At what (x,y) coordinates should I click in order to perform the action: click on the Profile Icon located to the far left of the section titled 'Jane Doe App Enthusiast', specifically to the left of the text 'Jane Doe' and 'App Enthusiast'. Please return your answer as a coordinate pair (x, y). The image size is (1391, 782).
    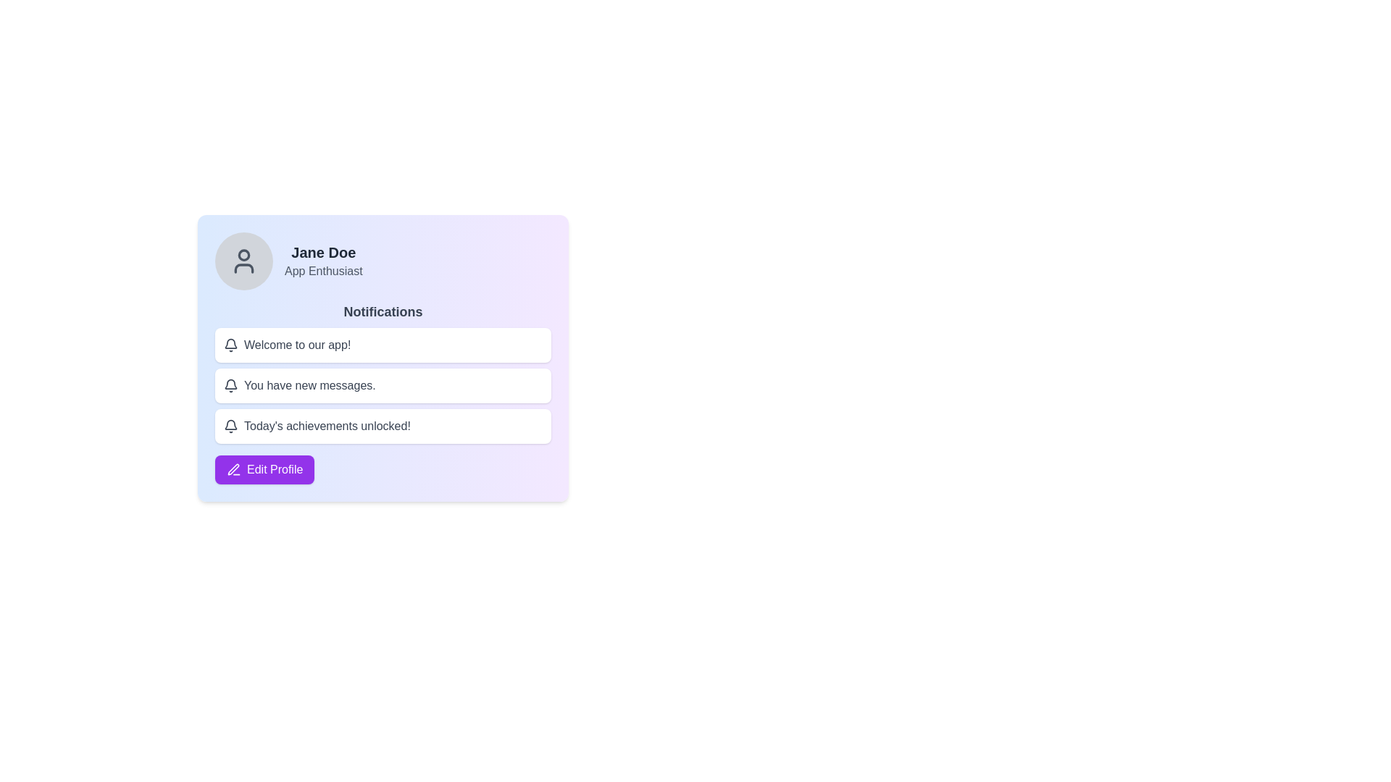
    Looking at the image, I should click on (243, 261).